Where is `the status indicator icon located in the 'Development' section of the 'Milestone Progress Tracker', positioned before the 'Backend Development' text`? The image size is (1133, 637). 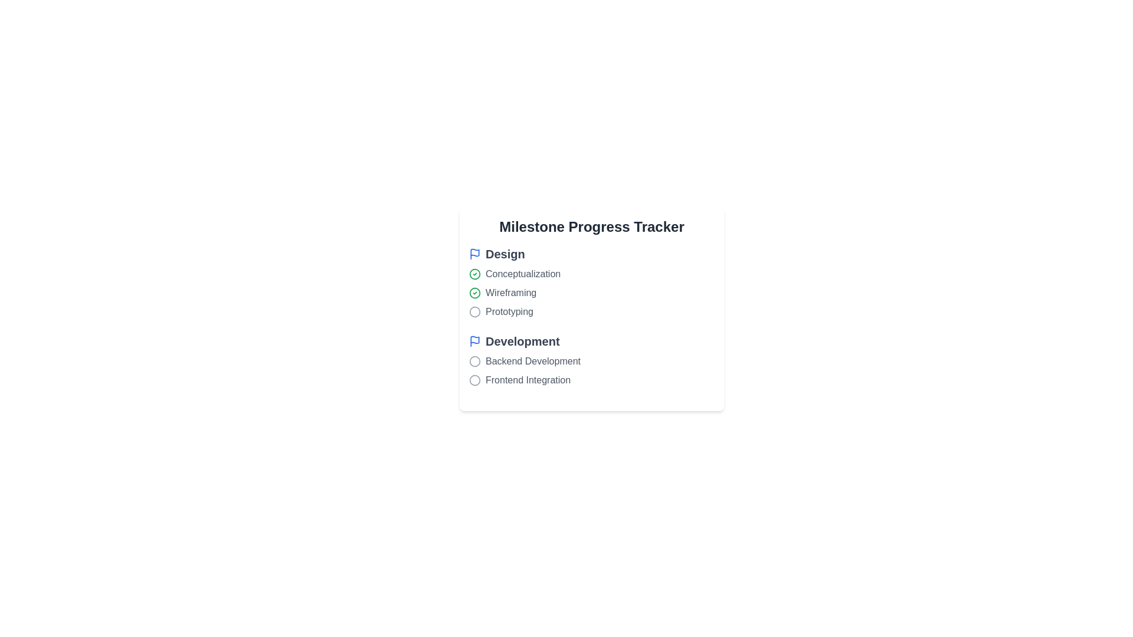
the status indicator icon located in the 'Development' section of the 'Milestone Progress Tracker', positioned before the 'Backend Development' text is located at coordinates (475, 361).